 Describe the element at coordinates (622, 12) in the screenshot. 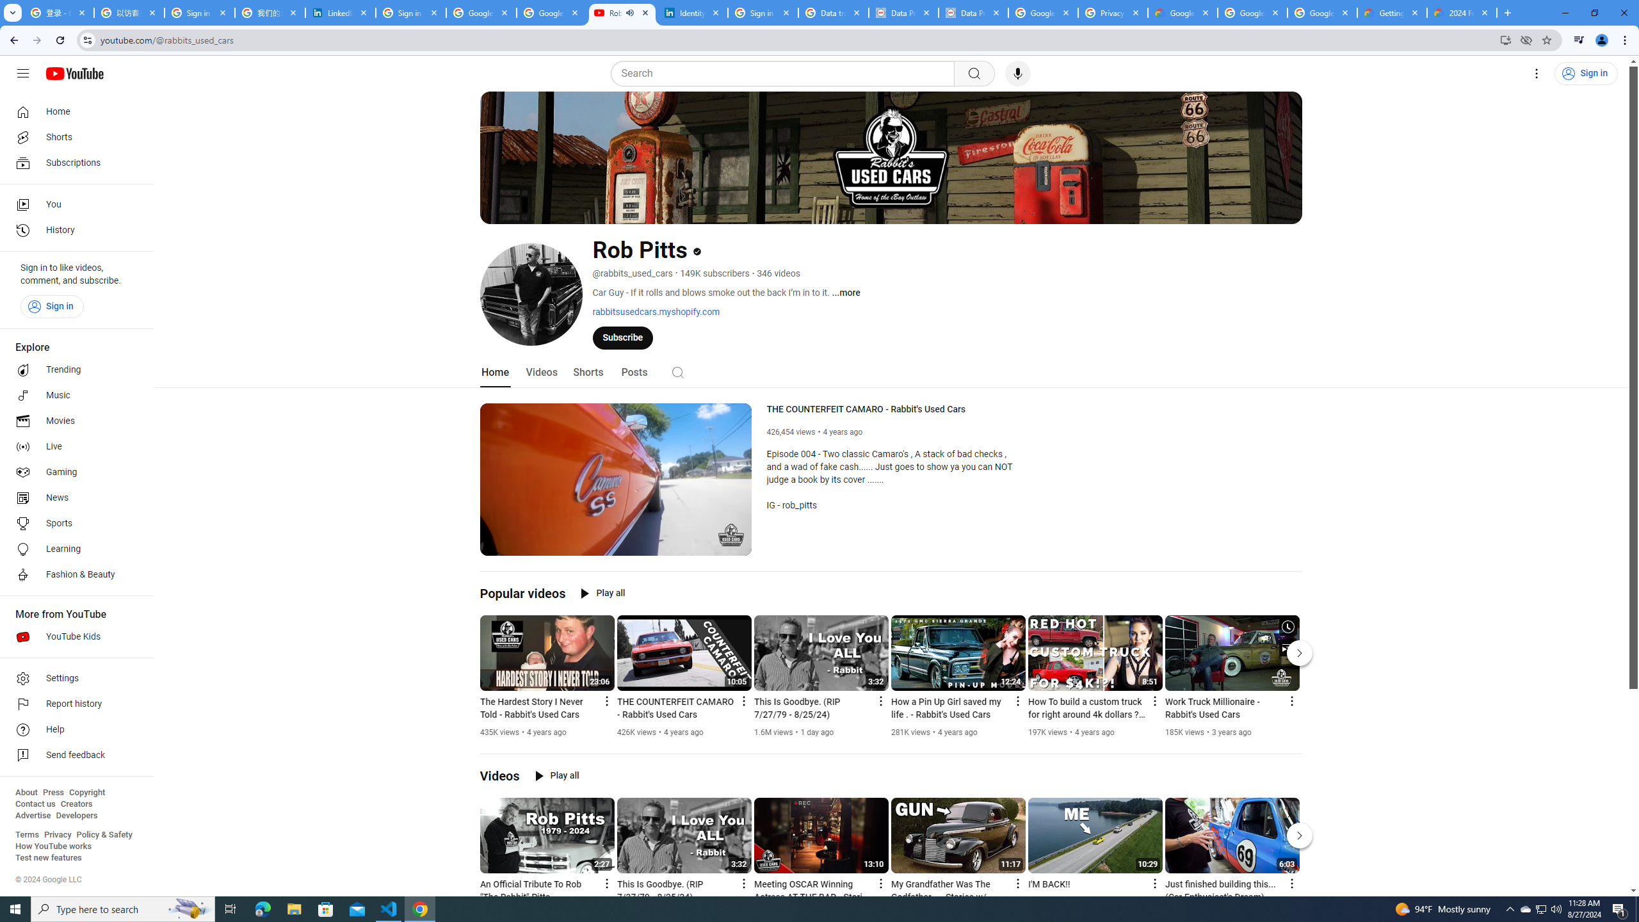

I see `'Rob Pitts - YouTube - Audio playing'` at that location.